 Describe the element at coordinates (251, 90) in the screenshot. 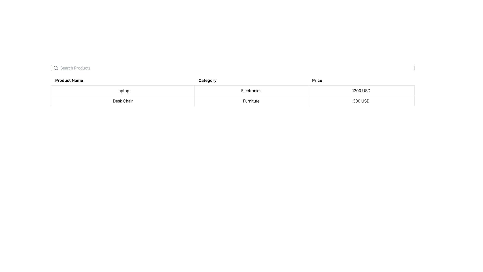

I see `text displayed in the 'Electronics' cell of the product details table, which is positioned in the second column of the first row` at that location.